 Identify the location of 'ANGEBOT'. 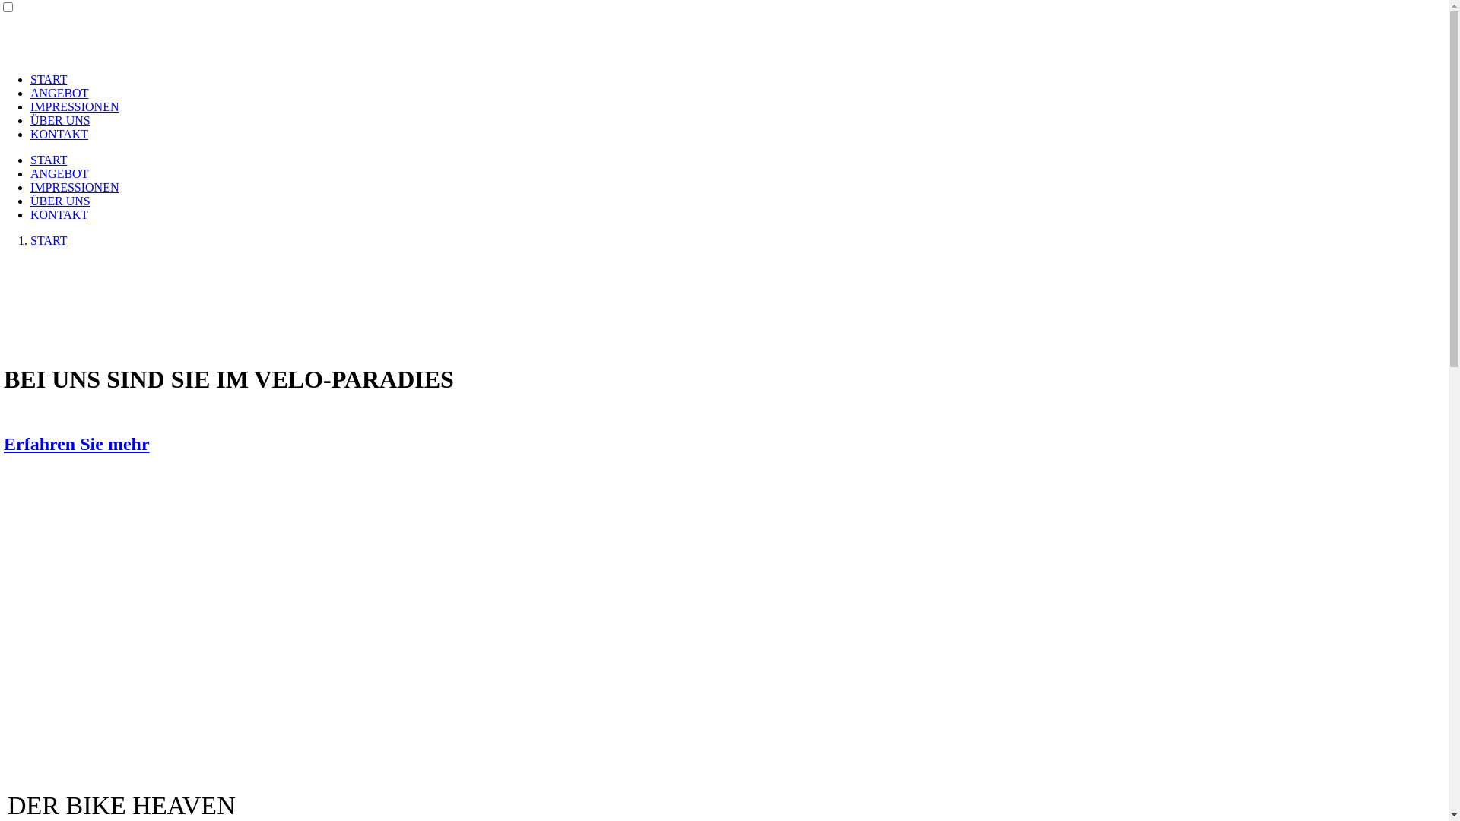
(59, 173).